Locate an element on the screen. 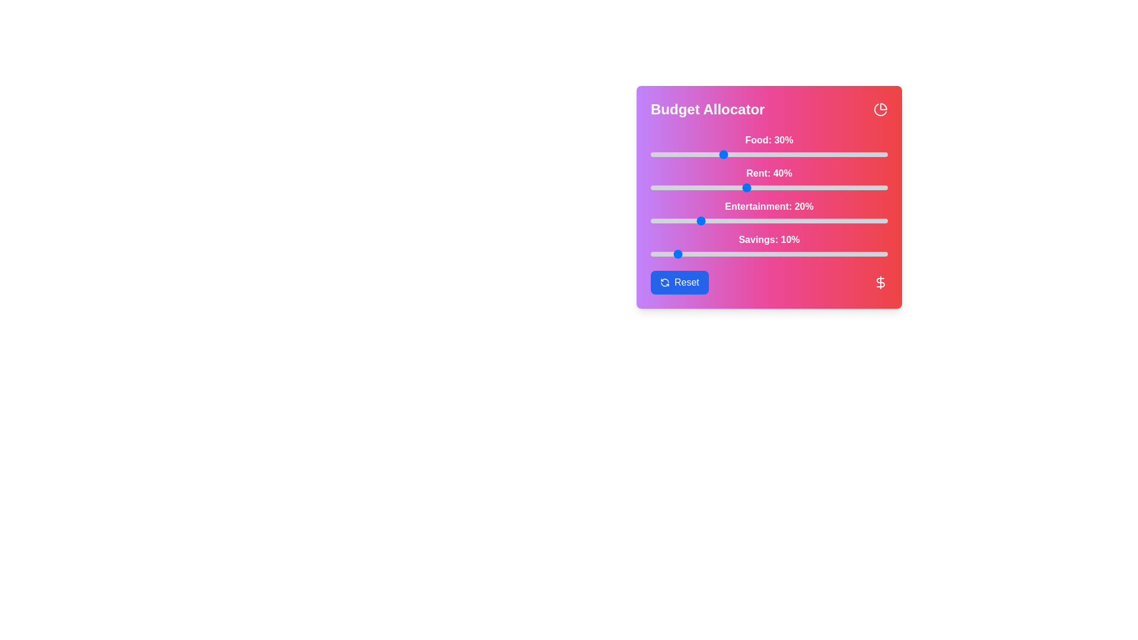  the interactive slider labeled 'Entertainment: 20%' which is positioned centrally below 'Rent: 40%' and above 'Savings: 10%' is located at coordinates (769, 211).